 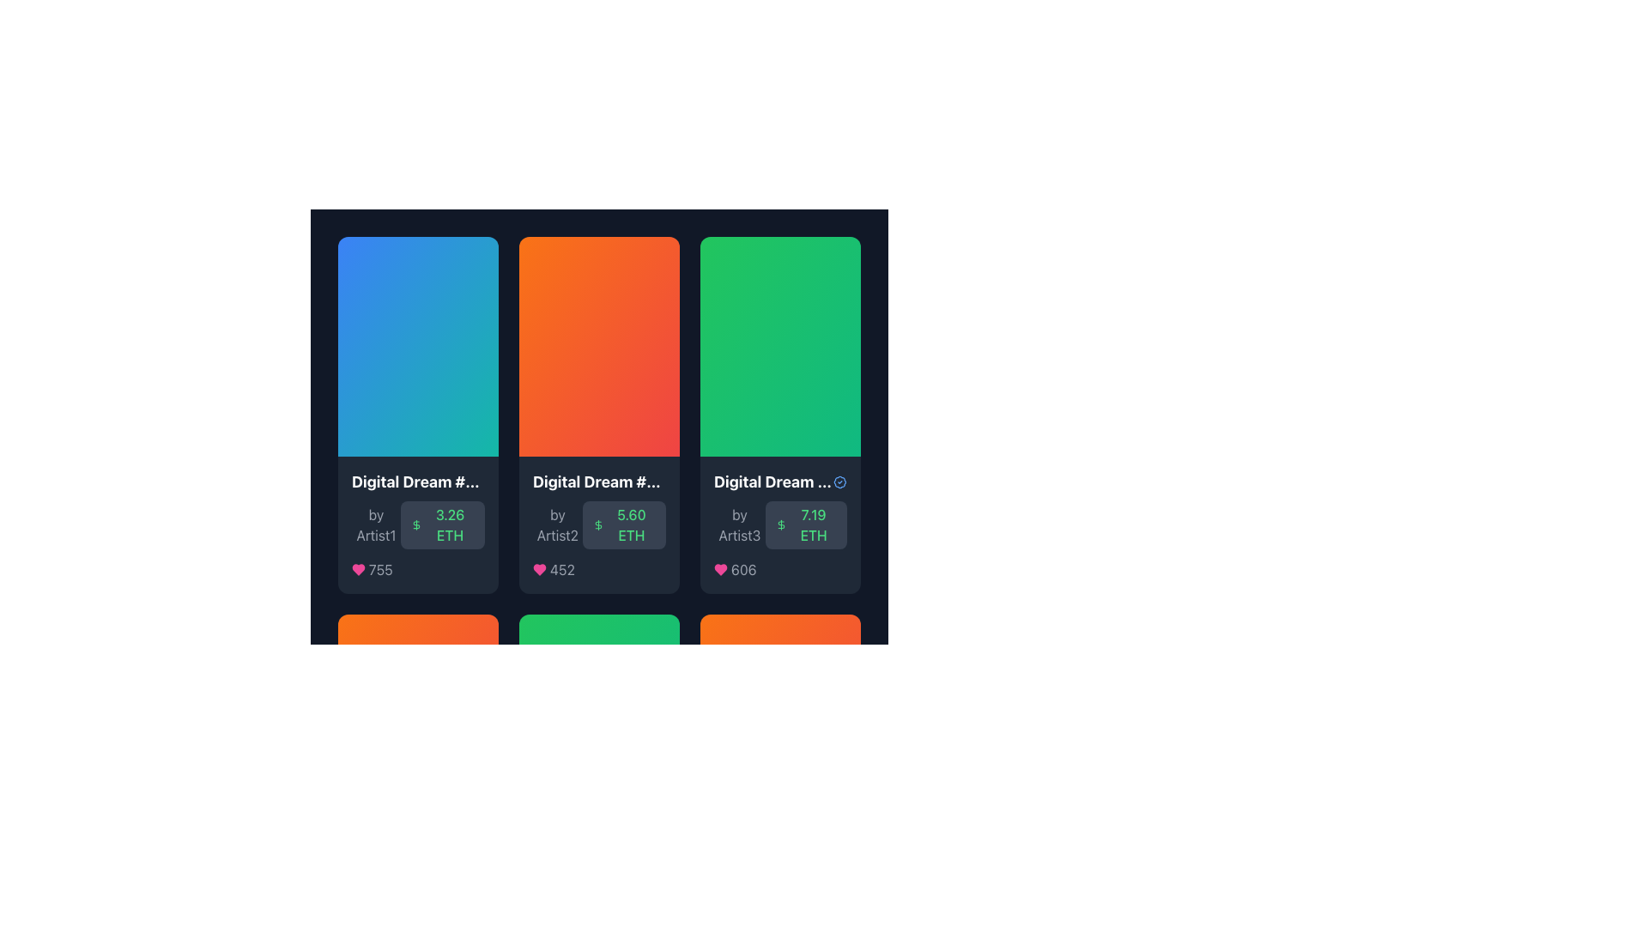 I want to click on the static text label displaying the name or identifier of the featured item in the second card from a horizontal row of cards, so click(x=599, y=482).